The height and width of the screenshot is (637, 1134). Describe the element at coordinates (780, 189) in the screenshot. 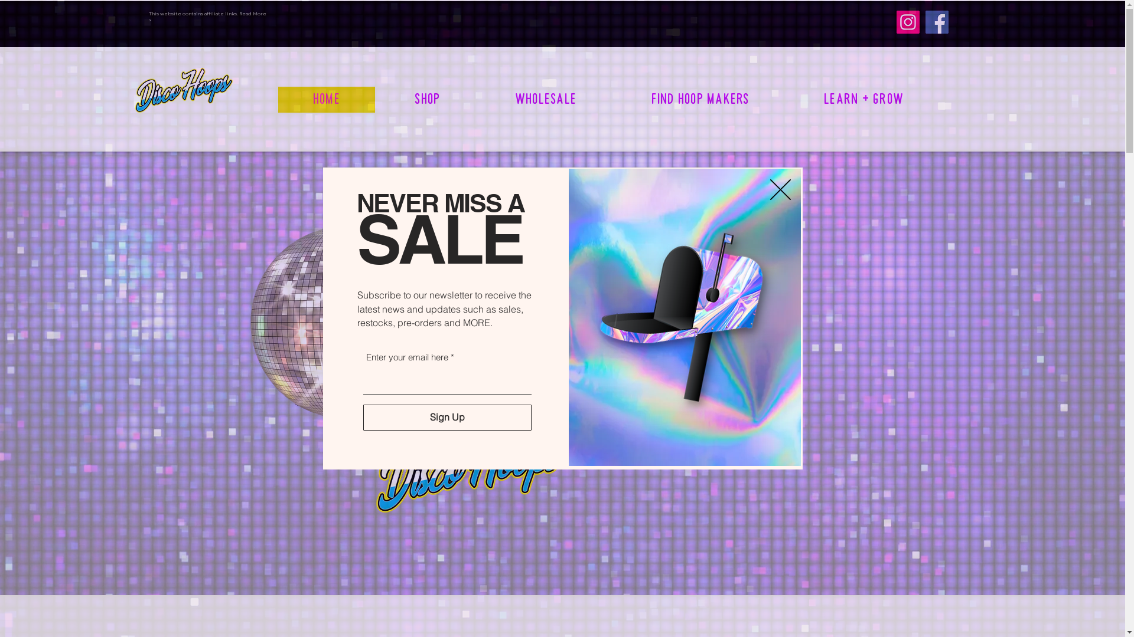

I see `'Back to site'` at that location.